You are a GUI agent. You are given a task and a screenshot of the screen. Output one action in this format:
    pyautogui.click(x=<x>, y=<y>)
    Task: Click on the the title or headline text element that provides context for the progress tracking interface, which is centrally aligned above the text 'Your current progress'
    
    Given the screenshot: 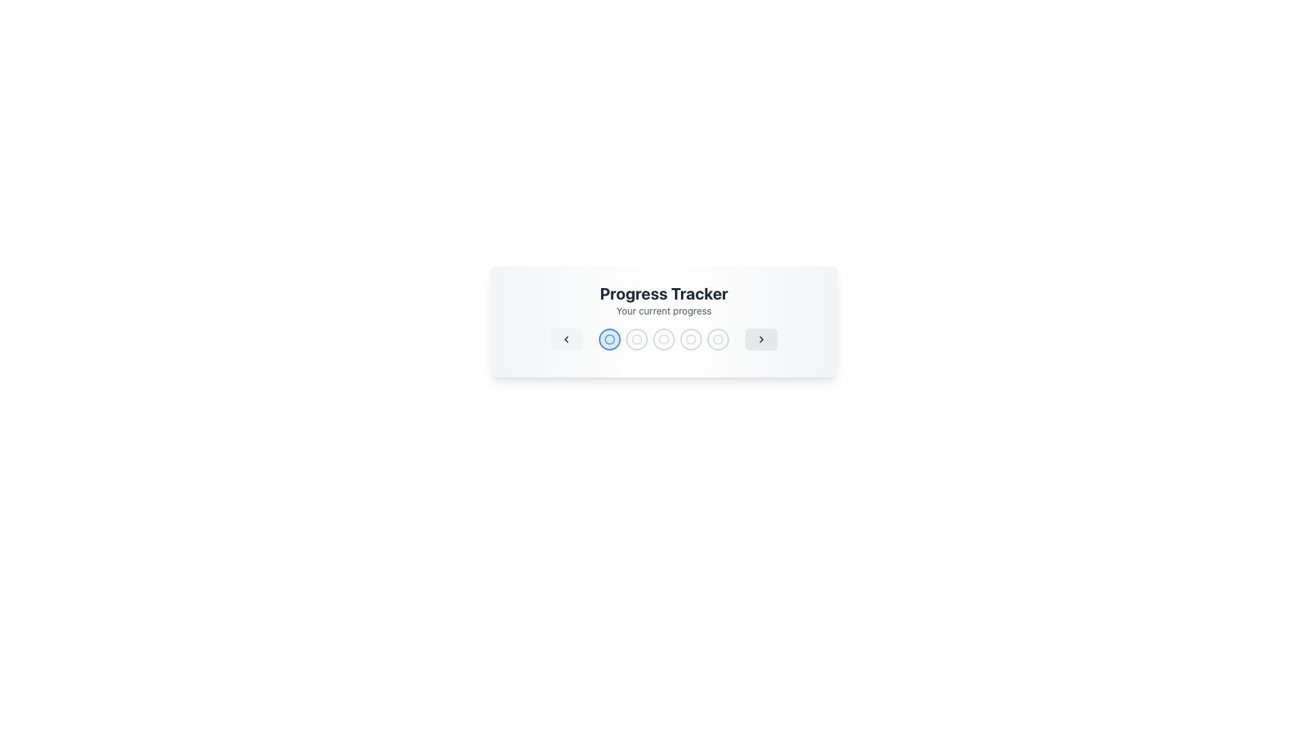 What is the action you would take?
    pyautogui.click(x=663, y=292)
    